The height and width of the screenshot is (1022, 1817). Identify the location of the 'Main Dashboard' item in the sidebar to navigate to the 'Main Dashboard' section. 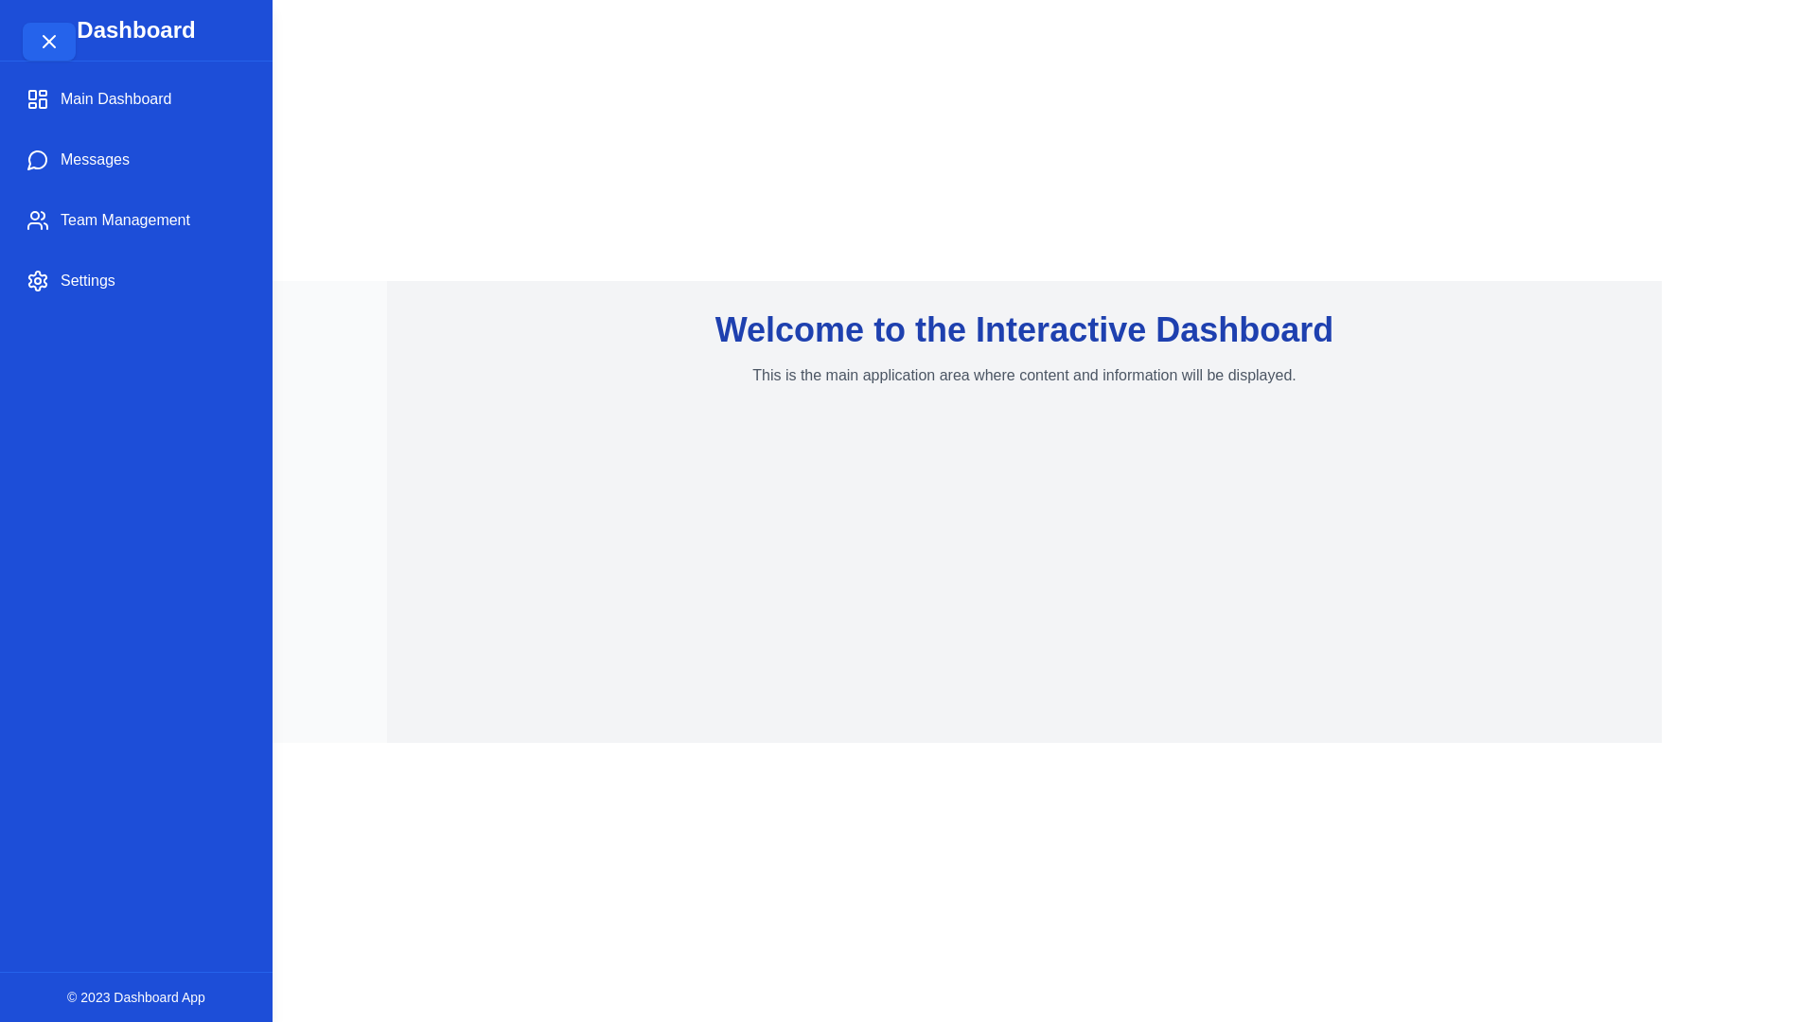
(135, 98).